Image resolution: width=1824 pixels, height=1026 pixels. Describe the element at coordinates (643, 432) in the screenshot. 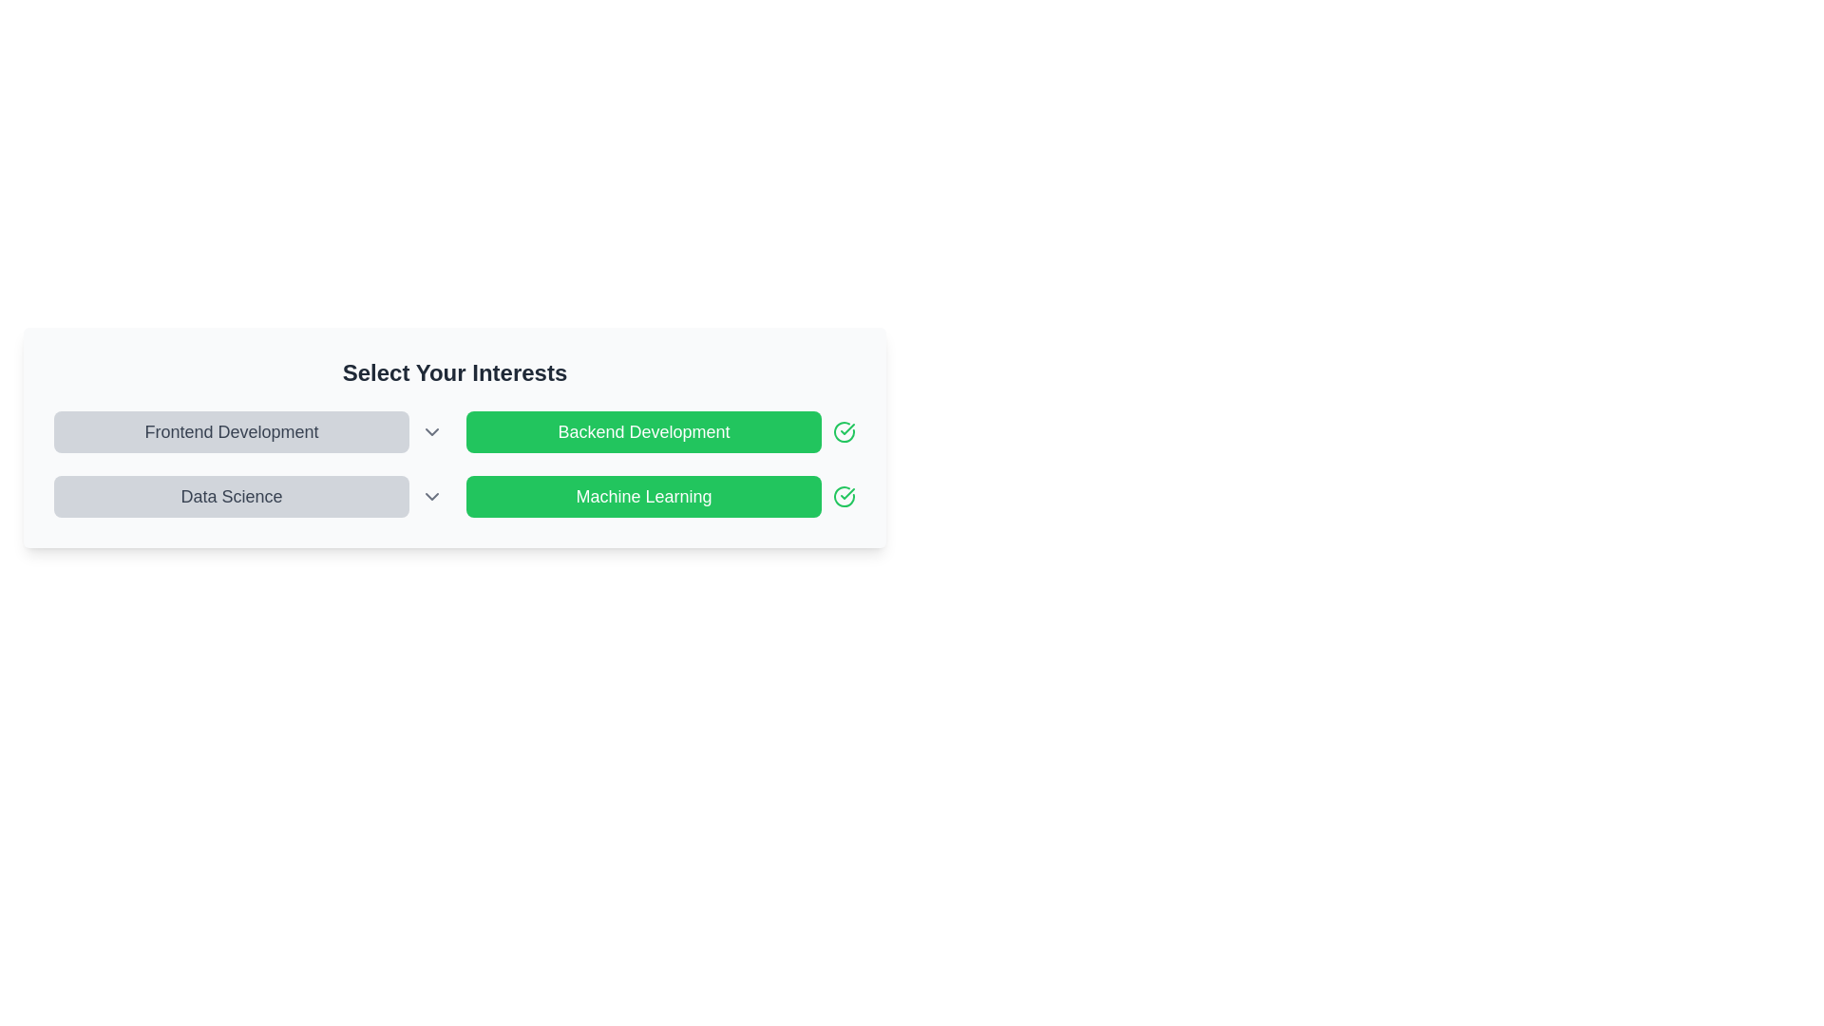

I see `'Backend Development' button to toggle its activation state` at that location.